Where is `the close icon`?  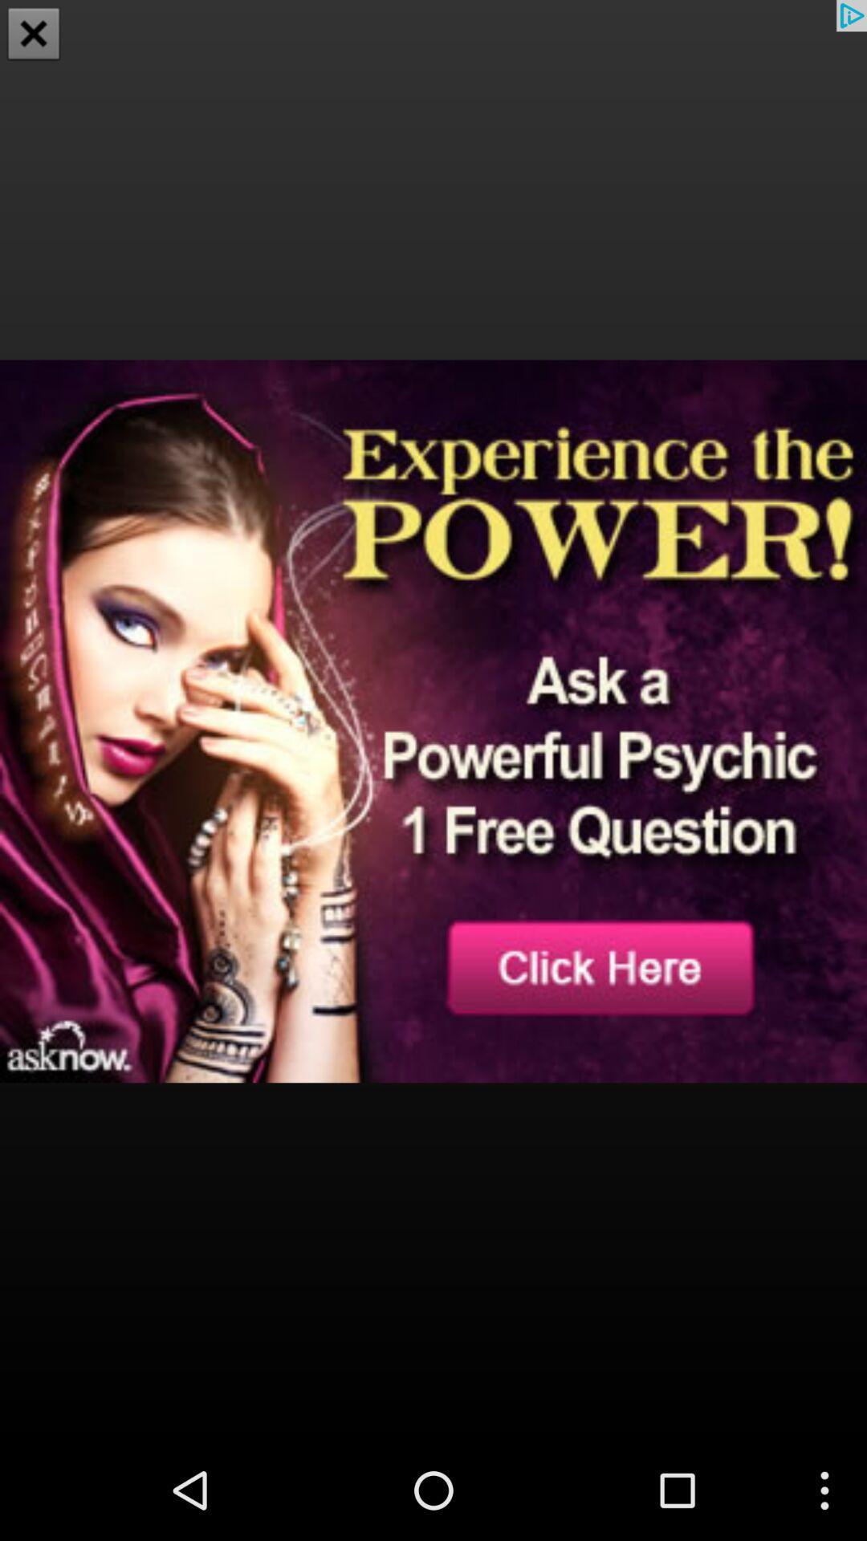 the close icon is located at coordinates (34, 35).